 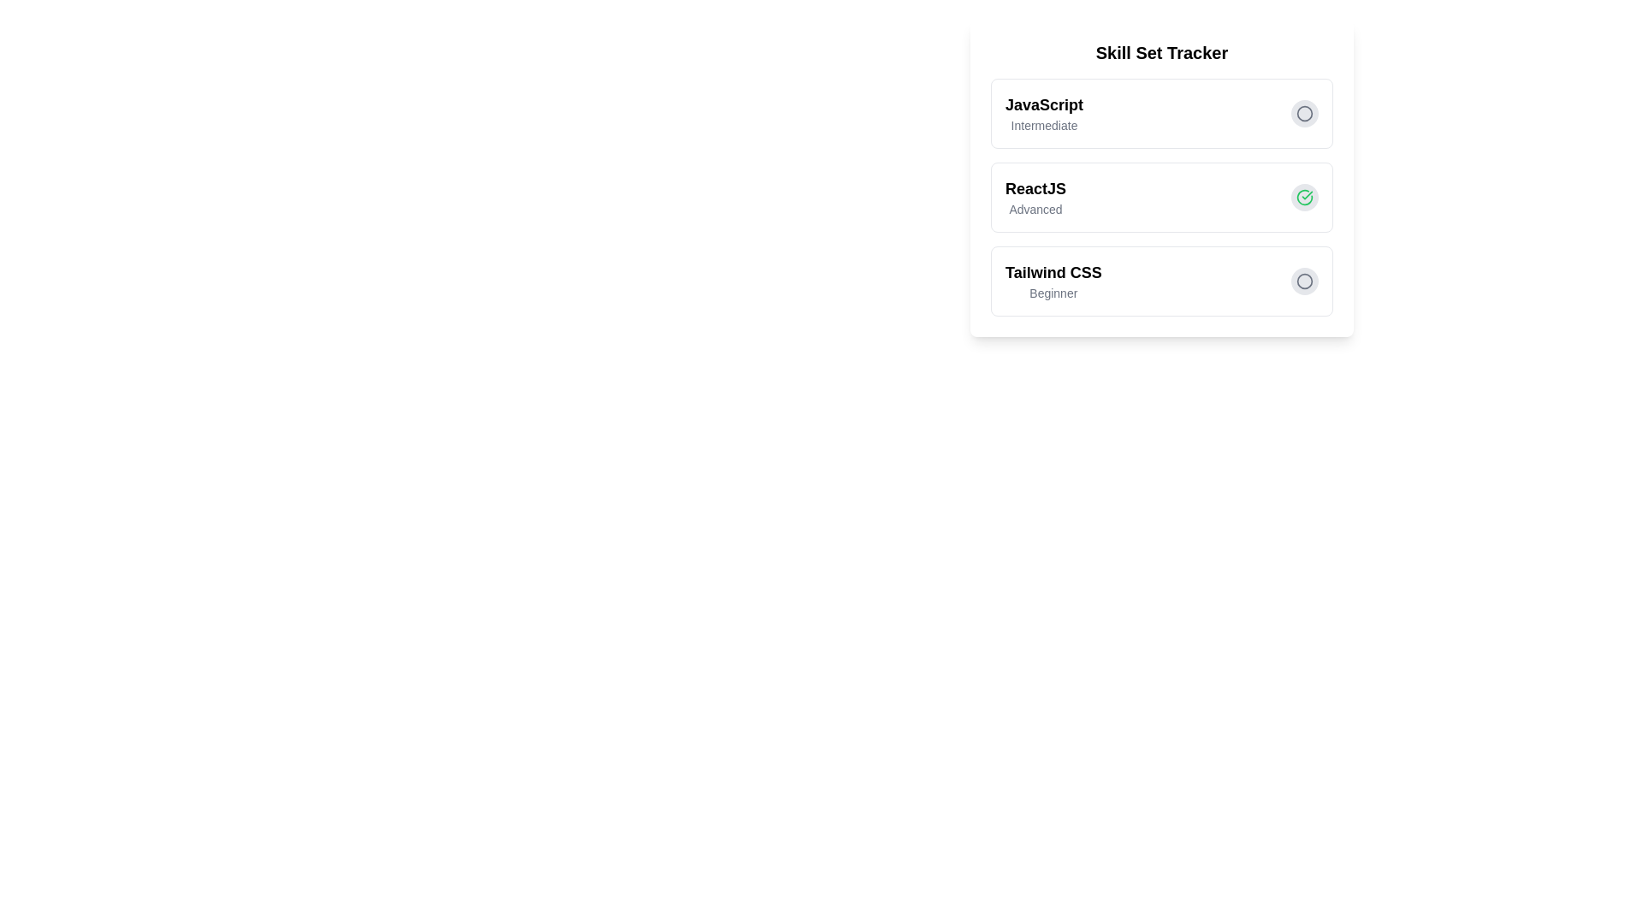 I want to click on the circular button with a green check mark icon, so click(x=1304, y=197).